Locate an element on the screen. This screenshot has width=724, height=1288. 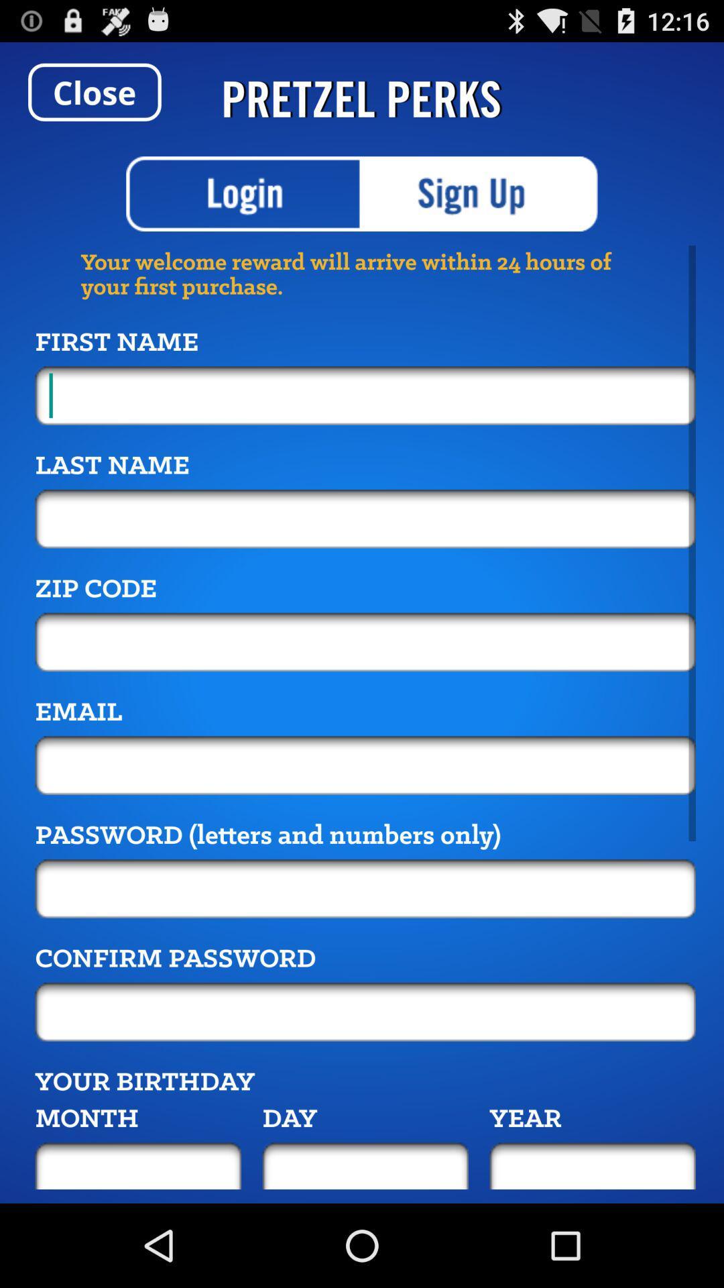
birthday month is located at coordinates (138, 1165).